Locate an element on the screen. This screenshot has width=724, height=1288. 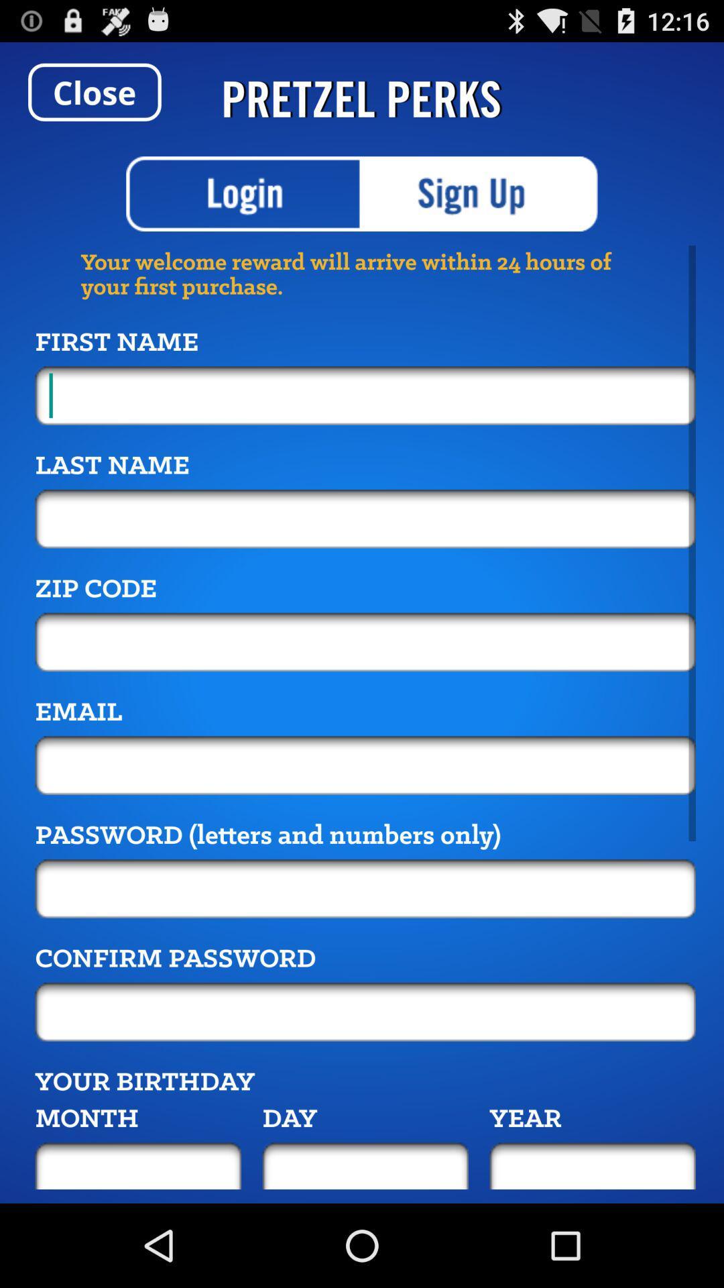
birthday month is located at coordinates (138, 1165).